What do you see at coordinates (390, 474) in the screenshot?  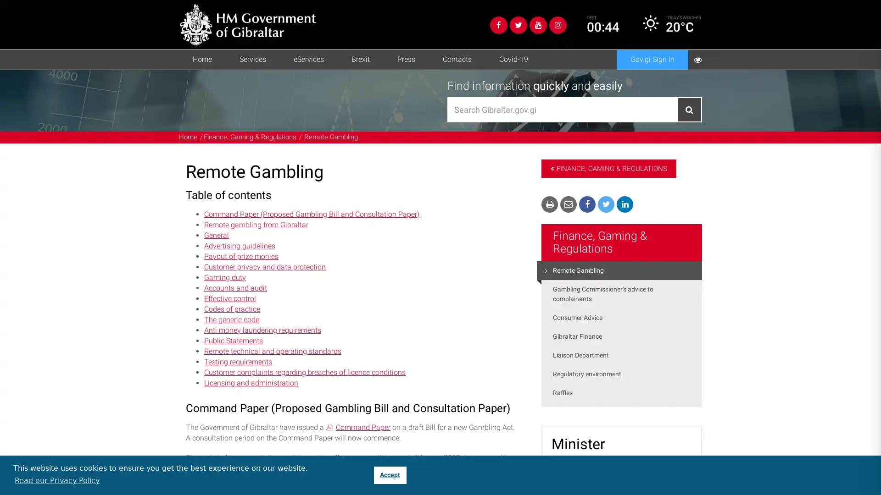 I see `dismiss cookie message` at bounding box center [390, 474].